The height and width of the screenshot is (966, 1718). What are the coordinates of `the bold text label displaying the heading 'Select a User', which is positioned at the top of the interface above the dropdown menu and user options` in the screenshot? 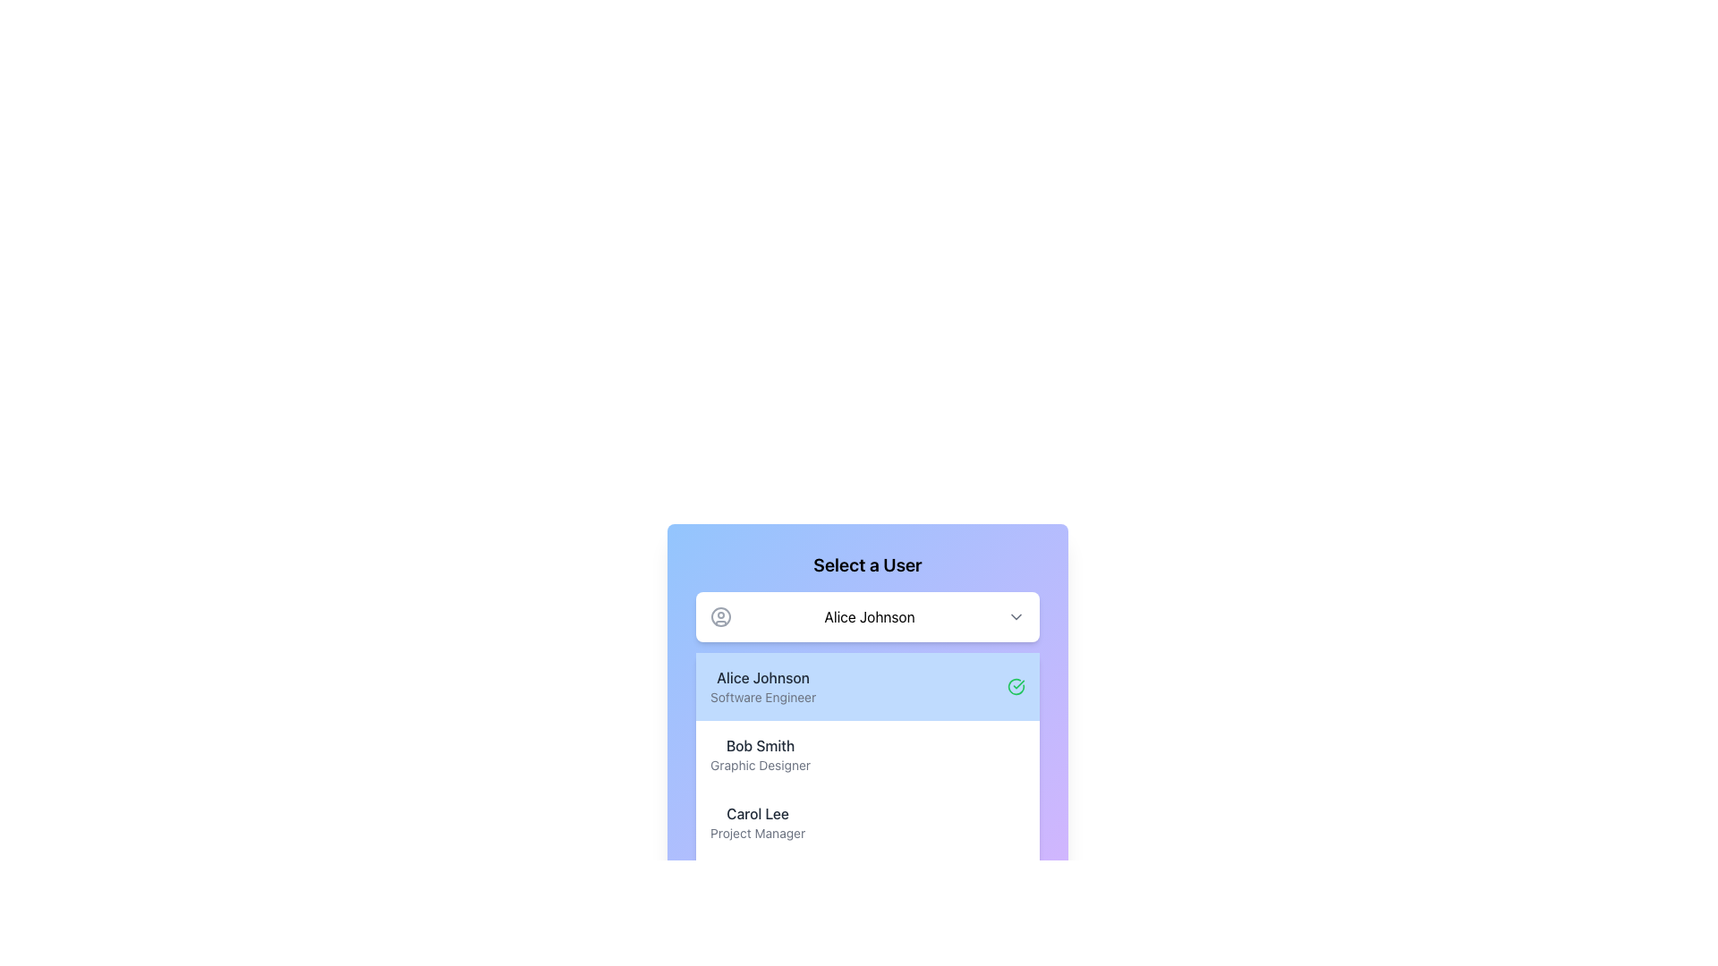 It's located at (867, 565).